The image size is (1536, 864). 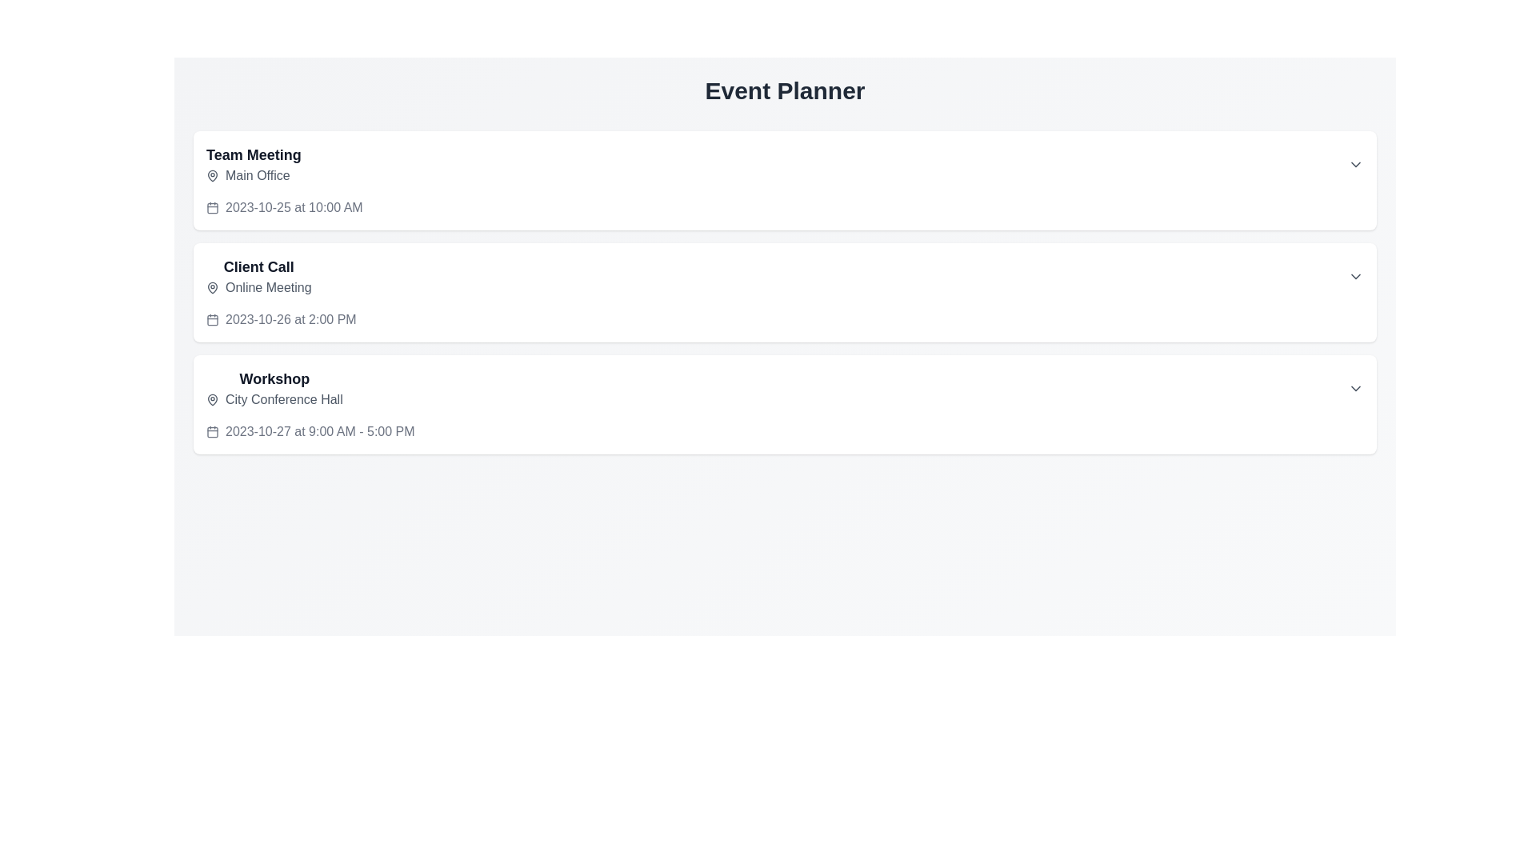 I want to click on the 'Client Call' text label, which features a bold title and a secondary line with a map pin icon, positioned between 'Team Meeting' and 'Workshop', so click(x=258, y=276).